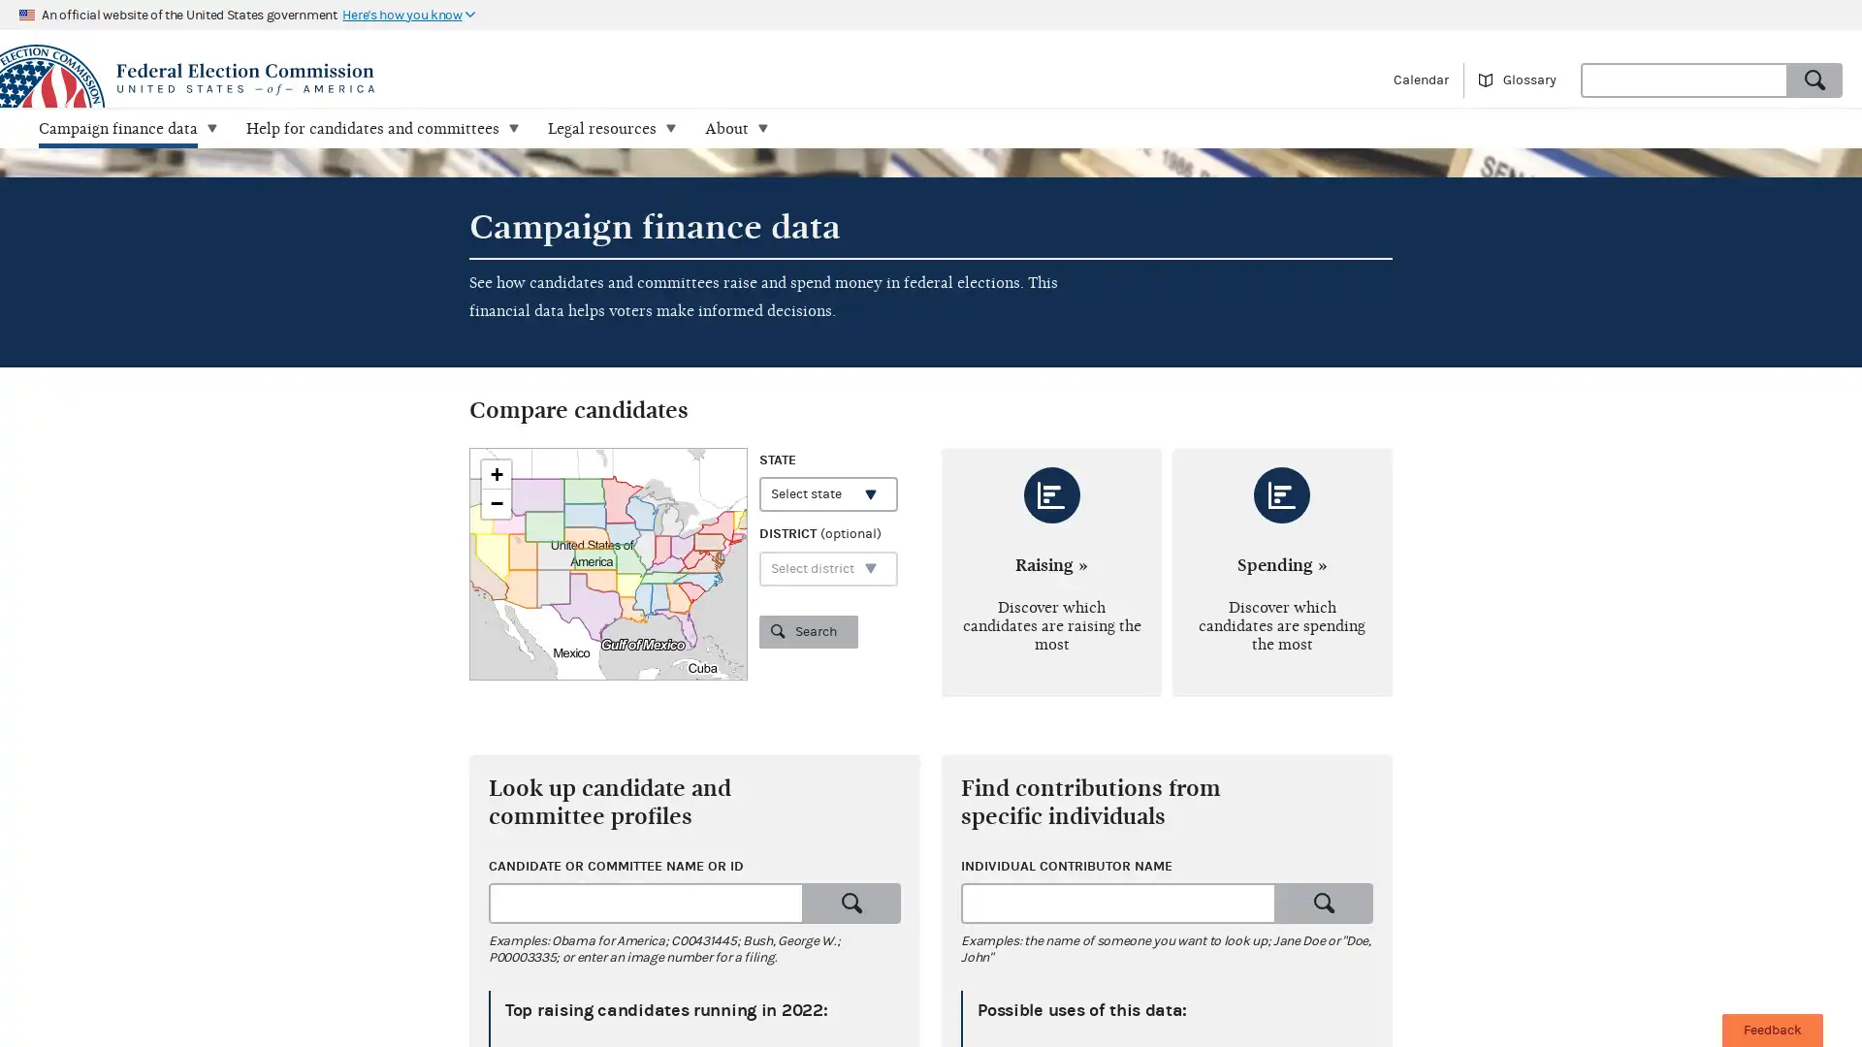  Describe the element at coordinates (497, 503) in the screenshot. I see `Zoom out` at that location.